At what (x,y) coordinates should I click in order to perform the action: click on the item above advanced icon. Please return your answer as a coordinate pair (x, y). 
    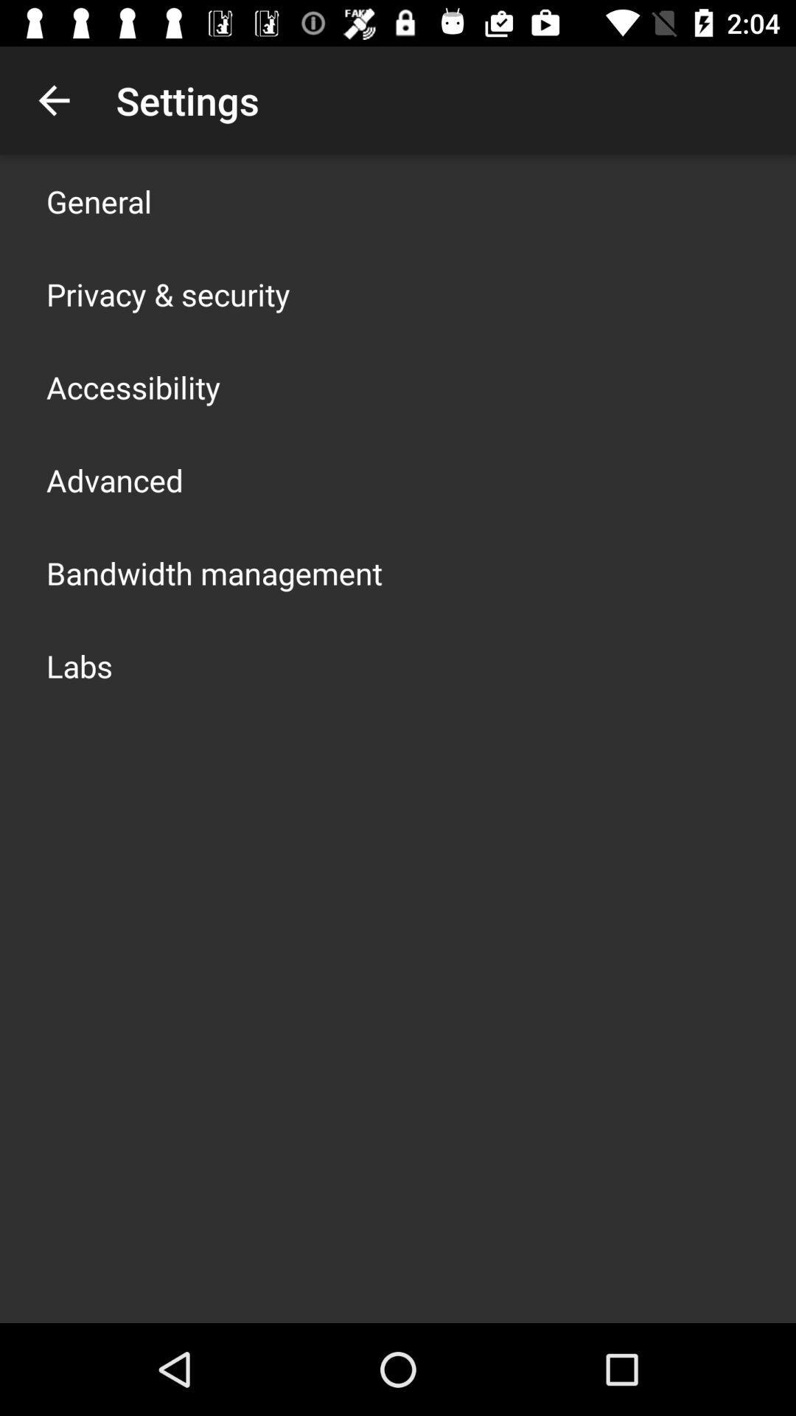
    Looking at the image, I should click on (133, 386).